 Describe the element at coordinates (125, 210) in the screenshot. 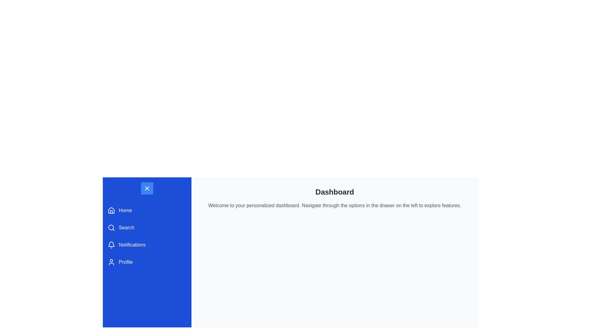

I see `the 'Home' text label styled in white font on a blue background, which is positioned in the sidebar menu as the first item next to a house-shaped icon` at that location.